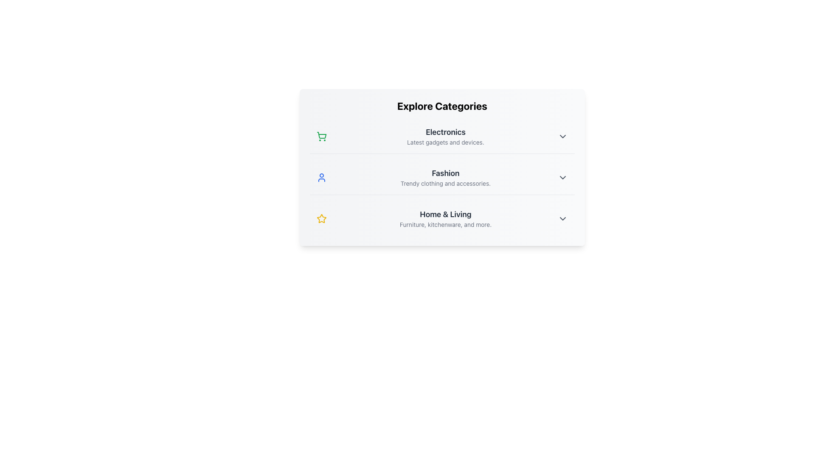 Image resolution: width=815 pixels, height=458 pixels. Describe the element at coordinates (321, 177) in the screenshot. I see `the blue user icon outlined in style, located to the left of the 'Fashion' text in the second row of the 'Explore Categories' card` at that location.